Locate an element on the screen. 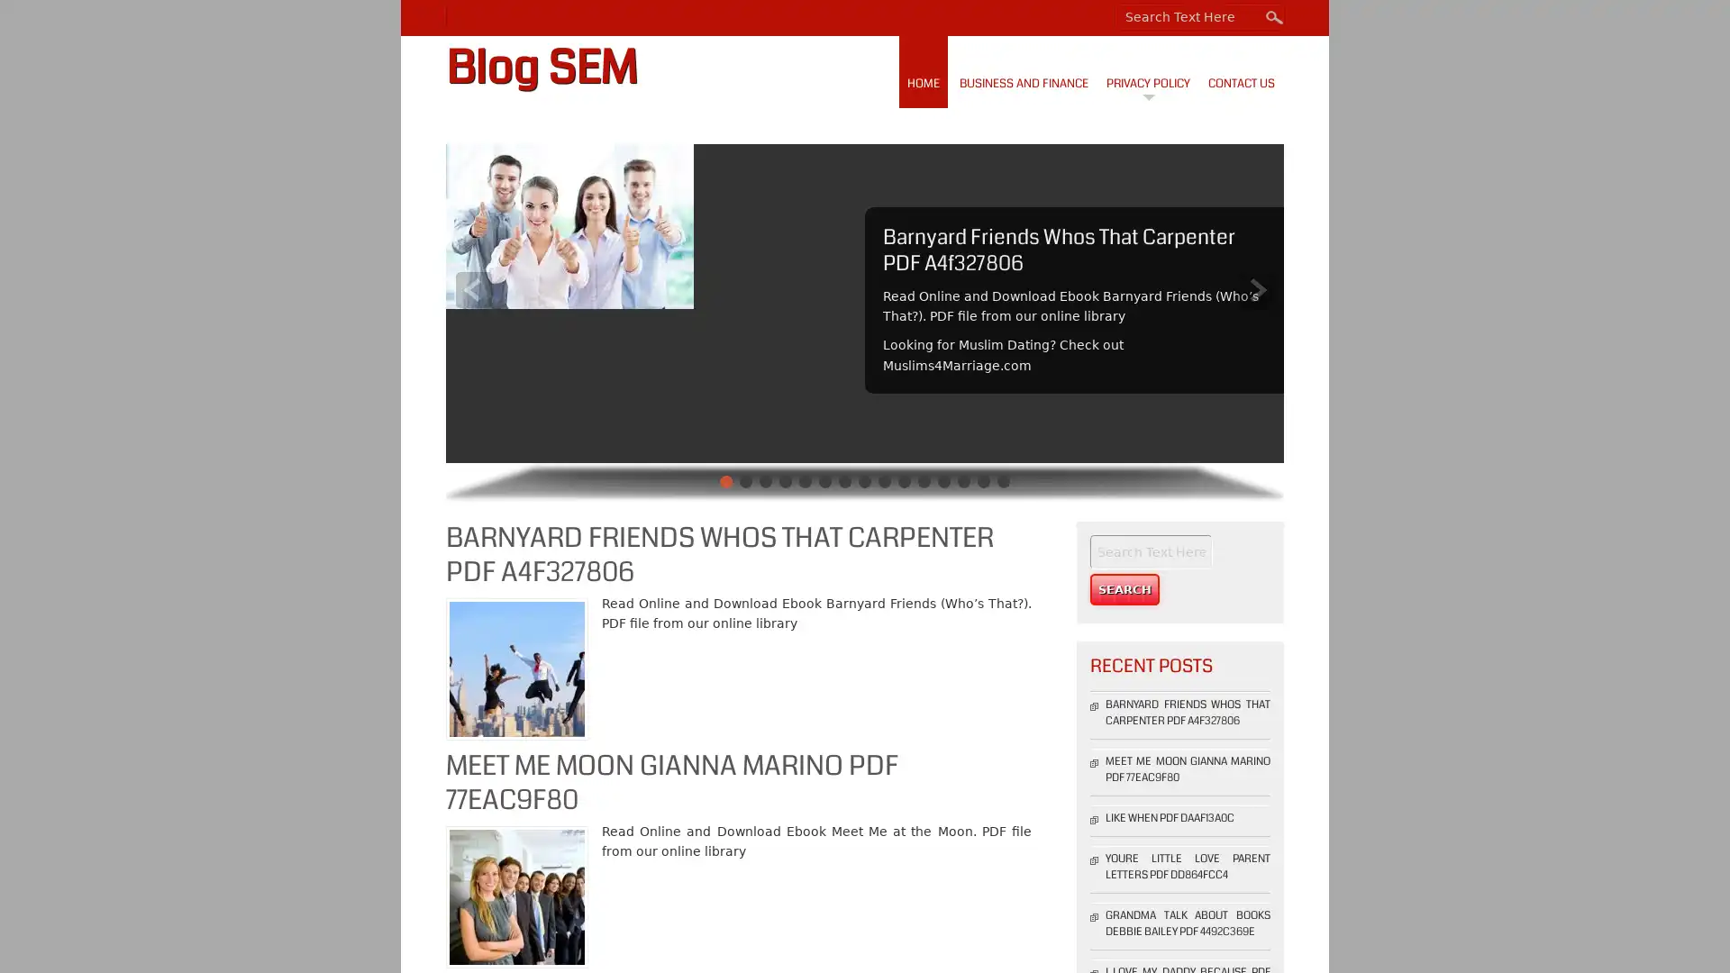  Search is located at coordinates (1124, 589).